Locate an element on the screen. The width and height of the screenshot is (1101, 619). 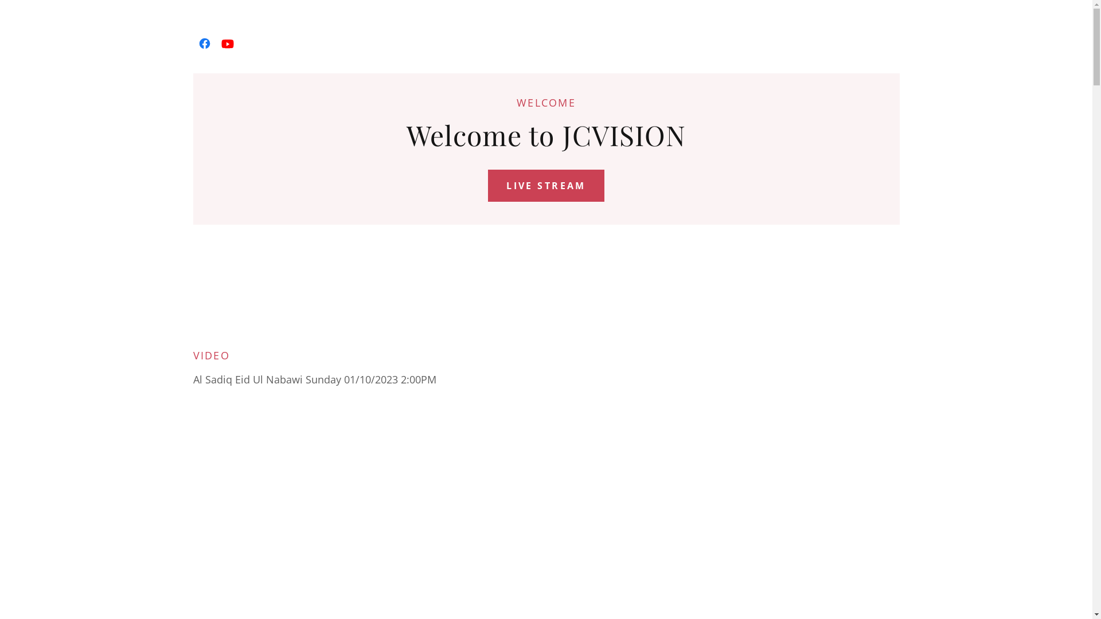
'LIVE STREAM' is located at coordinates (545, 185).